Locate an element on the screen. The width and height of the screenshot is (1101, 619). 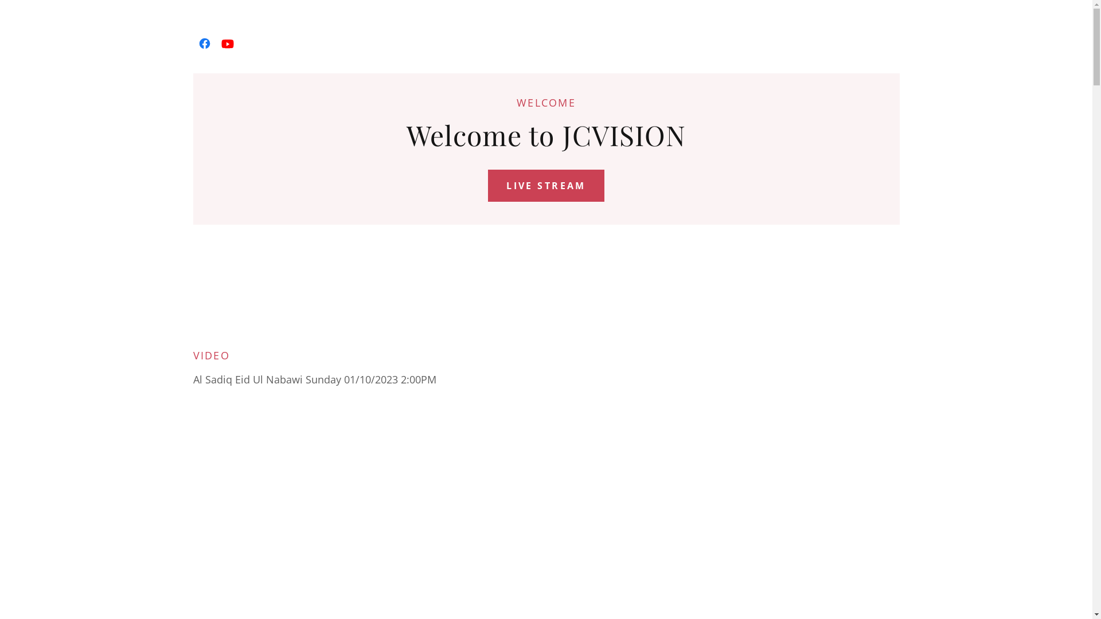
'LIVE STREAM' is located at coordinates (545, 185).